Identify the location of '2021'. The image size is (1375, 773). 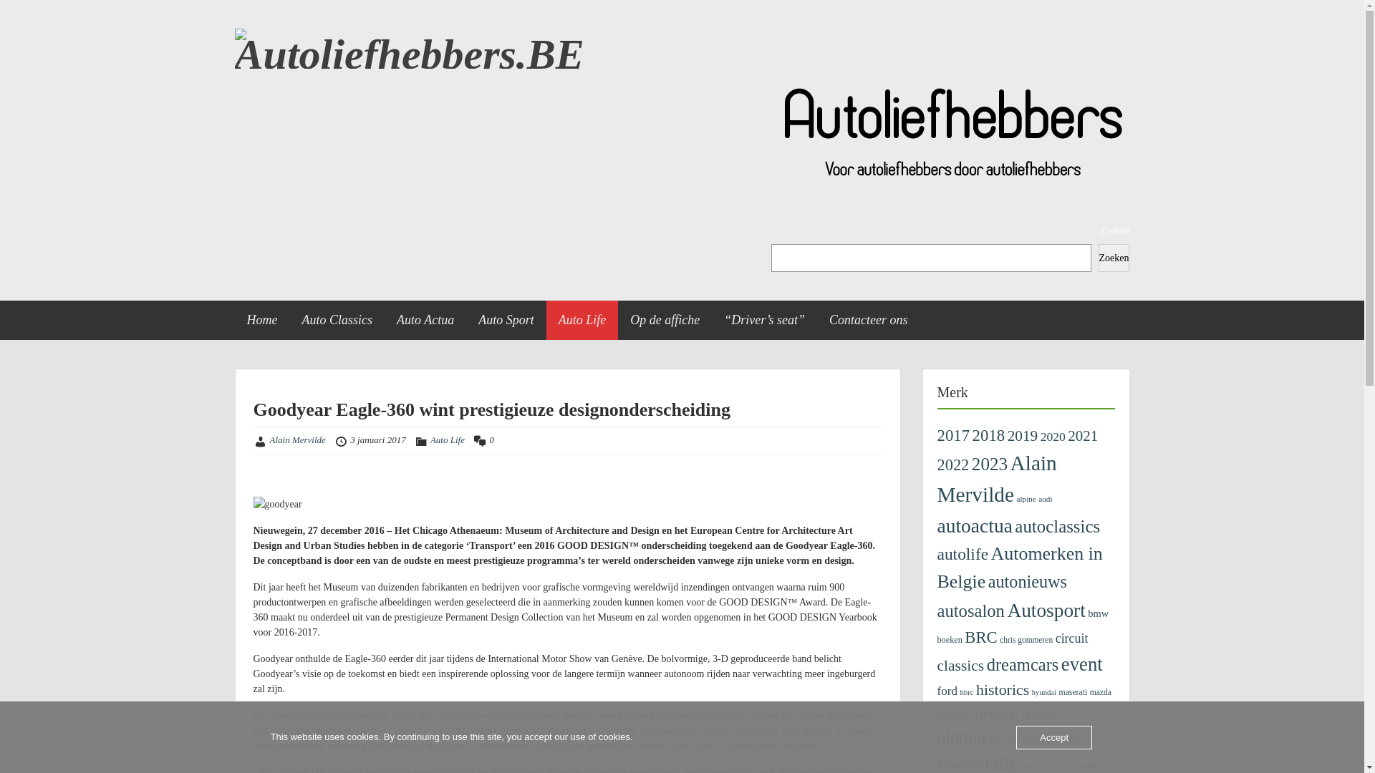
(1083, 435).